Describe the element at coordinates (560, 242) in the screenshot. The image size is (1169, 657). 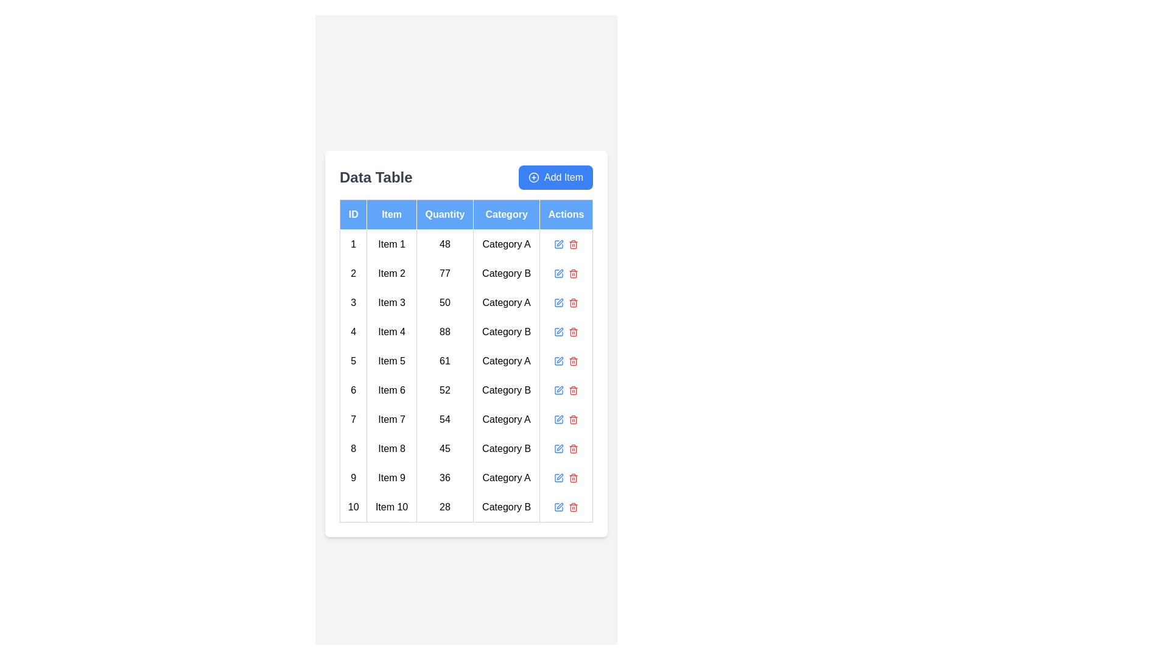
I see `the first icon in the 'Actions' column of the data table to initiate editing for the corresponding row` at that location.